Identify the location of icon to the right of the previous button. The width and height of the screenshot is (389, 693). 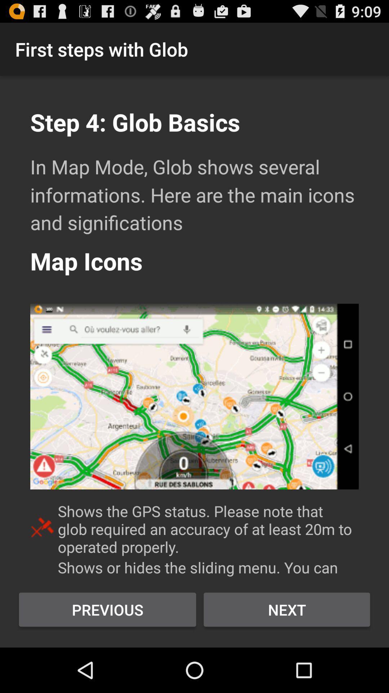
(286, 609).